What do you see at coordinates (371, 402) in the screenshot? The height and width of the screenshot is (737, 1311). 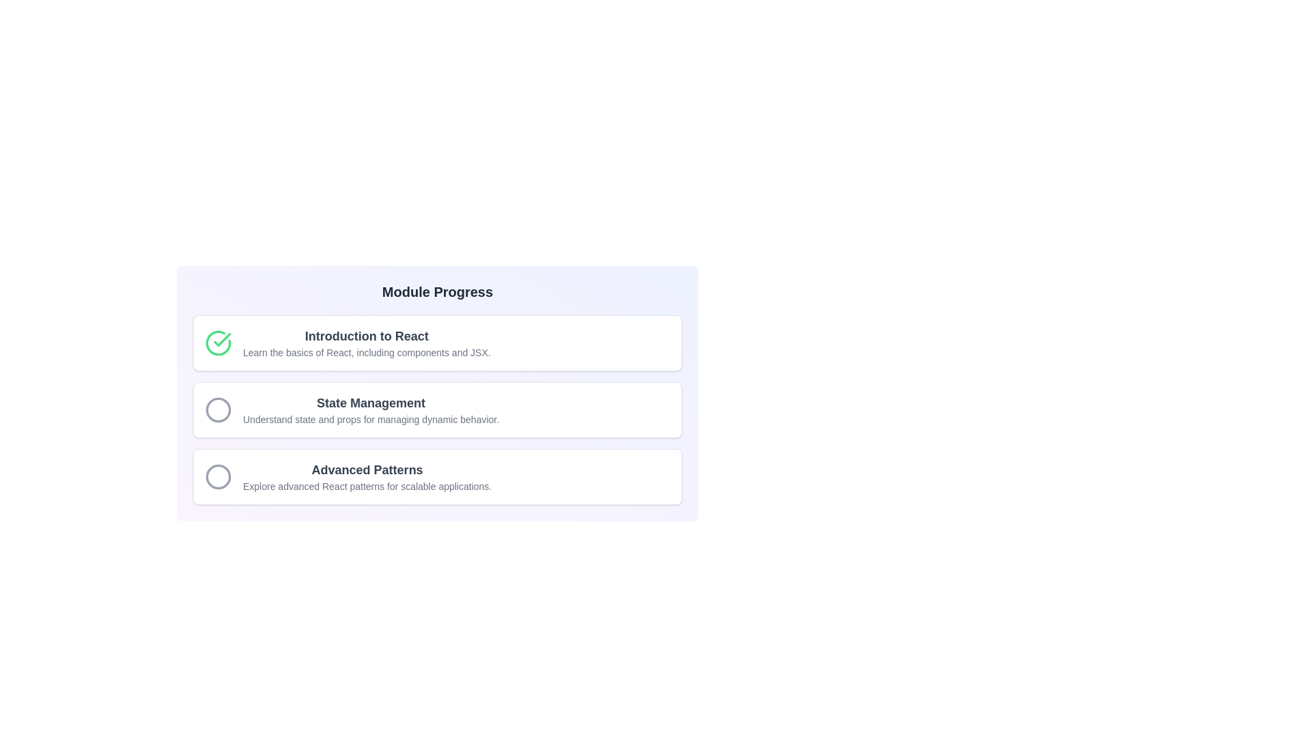 I see `text from the title label located in the middle section of the list interface, positioned below 'Introduction to React' and above 'Advanced Patterns'` at bounding box center [371, 402].